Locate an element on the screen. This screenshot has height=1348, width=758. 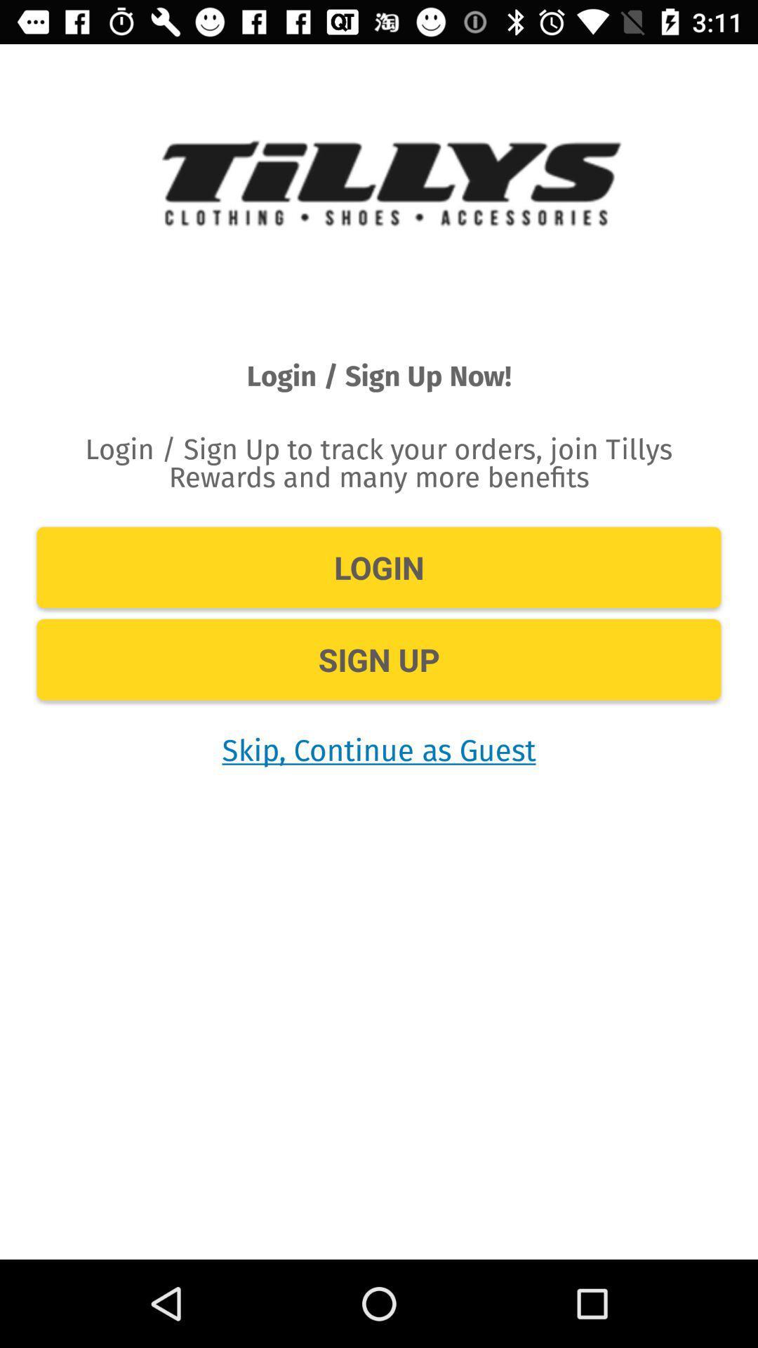
skip continue as item is located at coordinates (379, 748).